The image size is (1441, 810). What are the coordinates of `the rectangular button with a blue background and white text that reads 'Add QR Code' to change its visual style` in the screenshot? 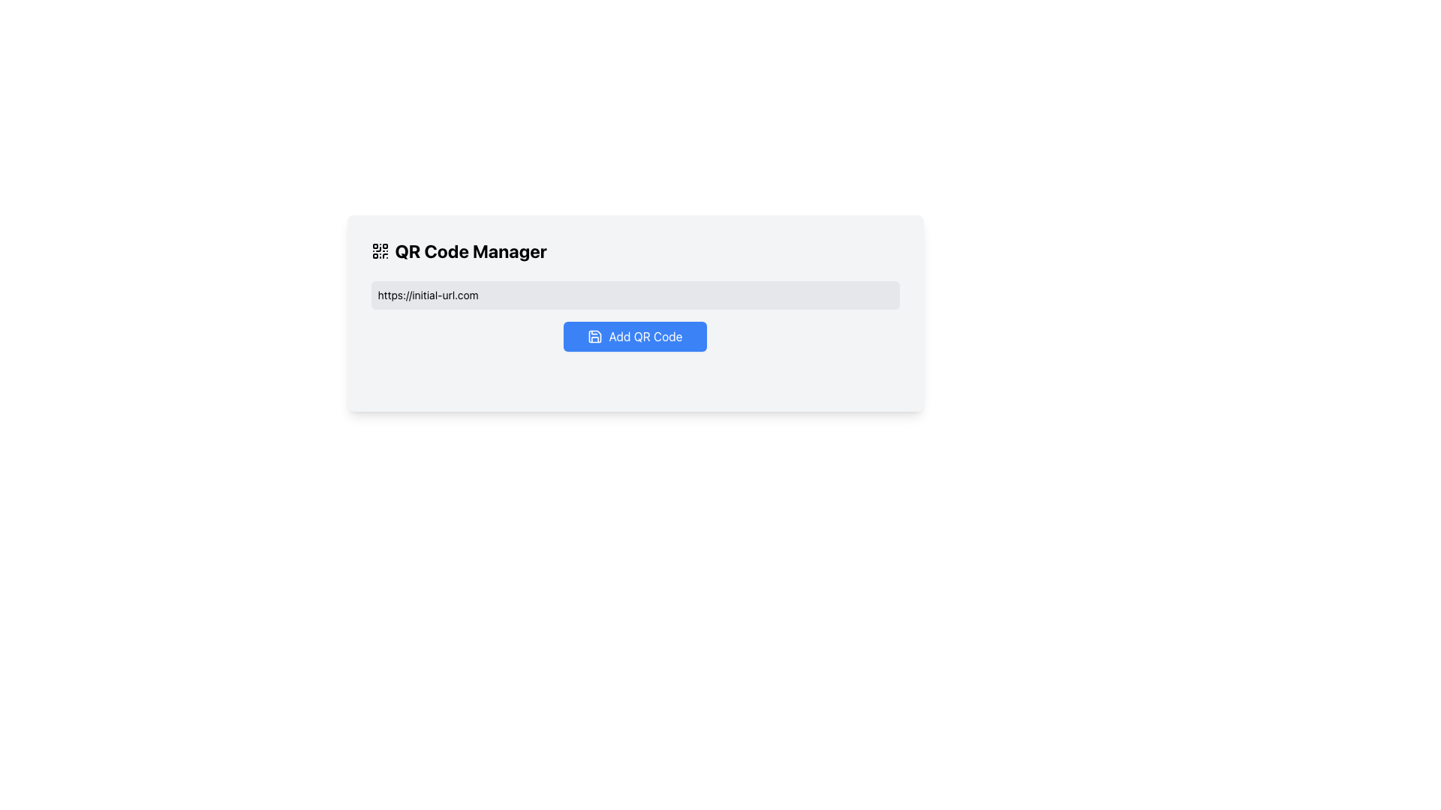 It's located at (635, 335).